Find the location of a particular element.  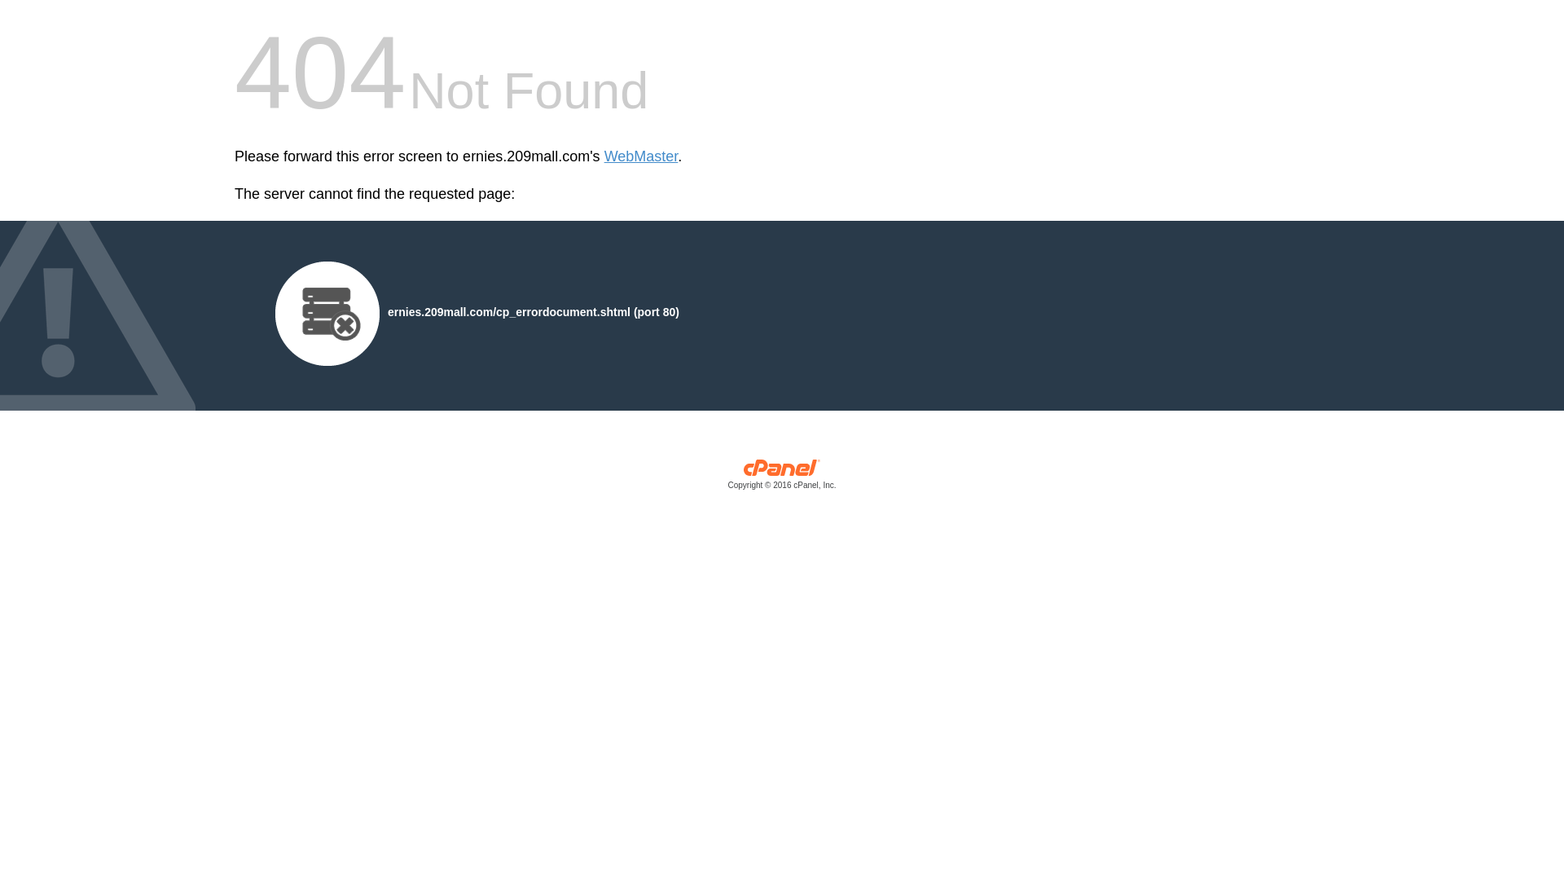

'WebMaster' is located at coordinates (640, 156).